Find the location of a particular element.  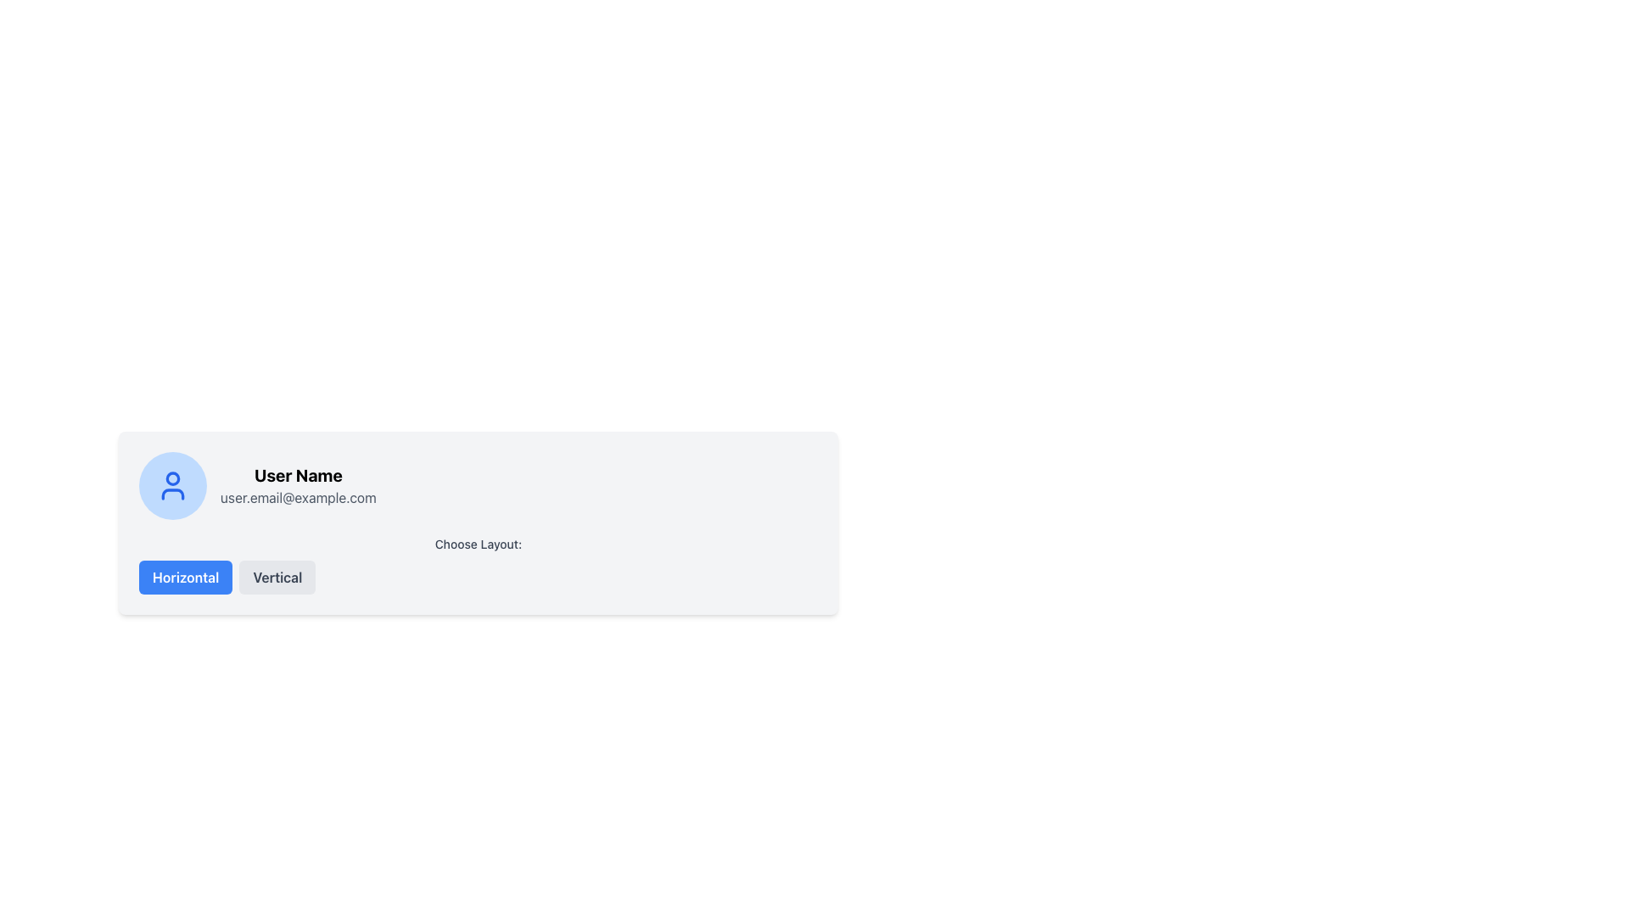

the Text Label displaying the user's name located at the top-left section of the profile card, which is aligned with the user icon and above the email address is located at coordinates (298, 475).